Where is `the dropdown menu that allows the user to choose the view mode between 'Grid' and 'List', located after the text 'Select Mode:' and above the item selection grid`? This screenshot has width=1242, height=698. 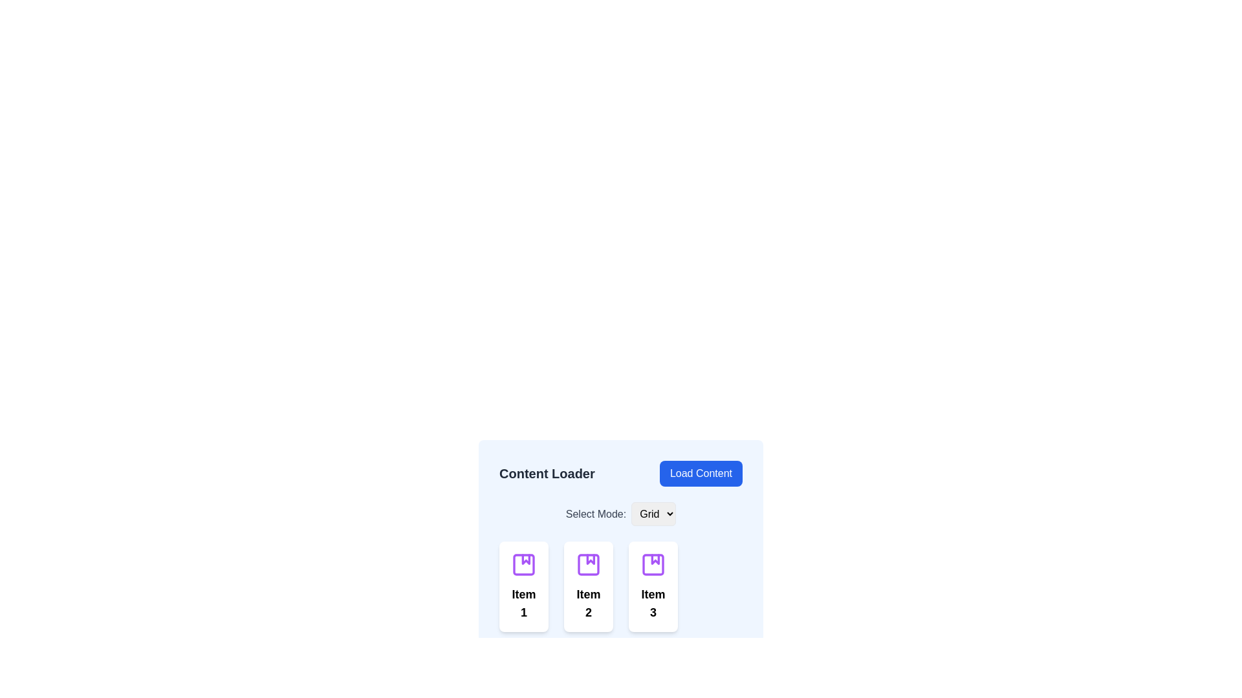
the dropdown menu that allows the user to choose the view mode between 'Grid' and 'List', located after the text 'Select Mode:' and above the item selection grid is located at coordinates (653, 513).